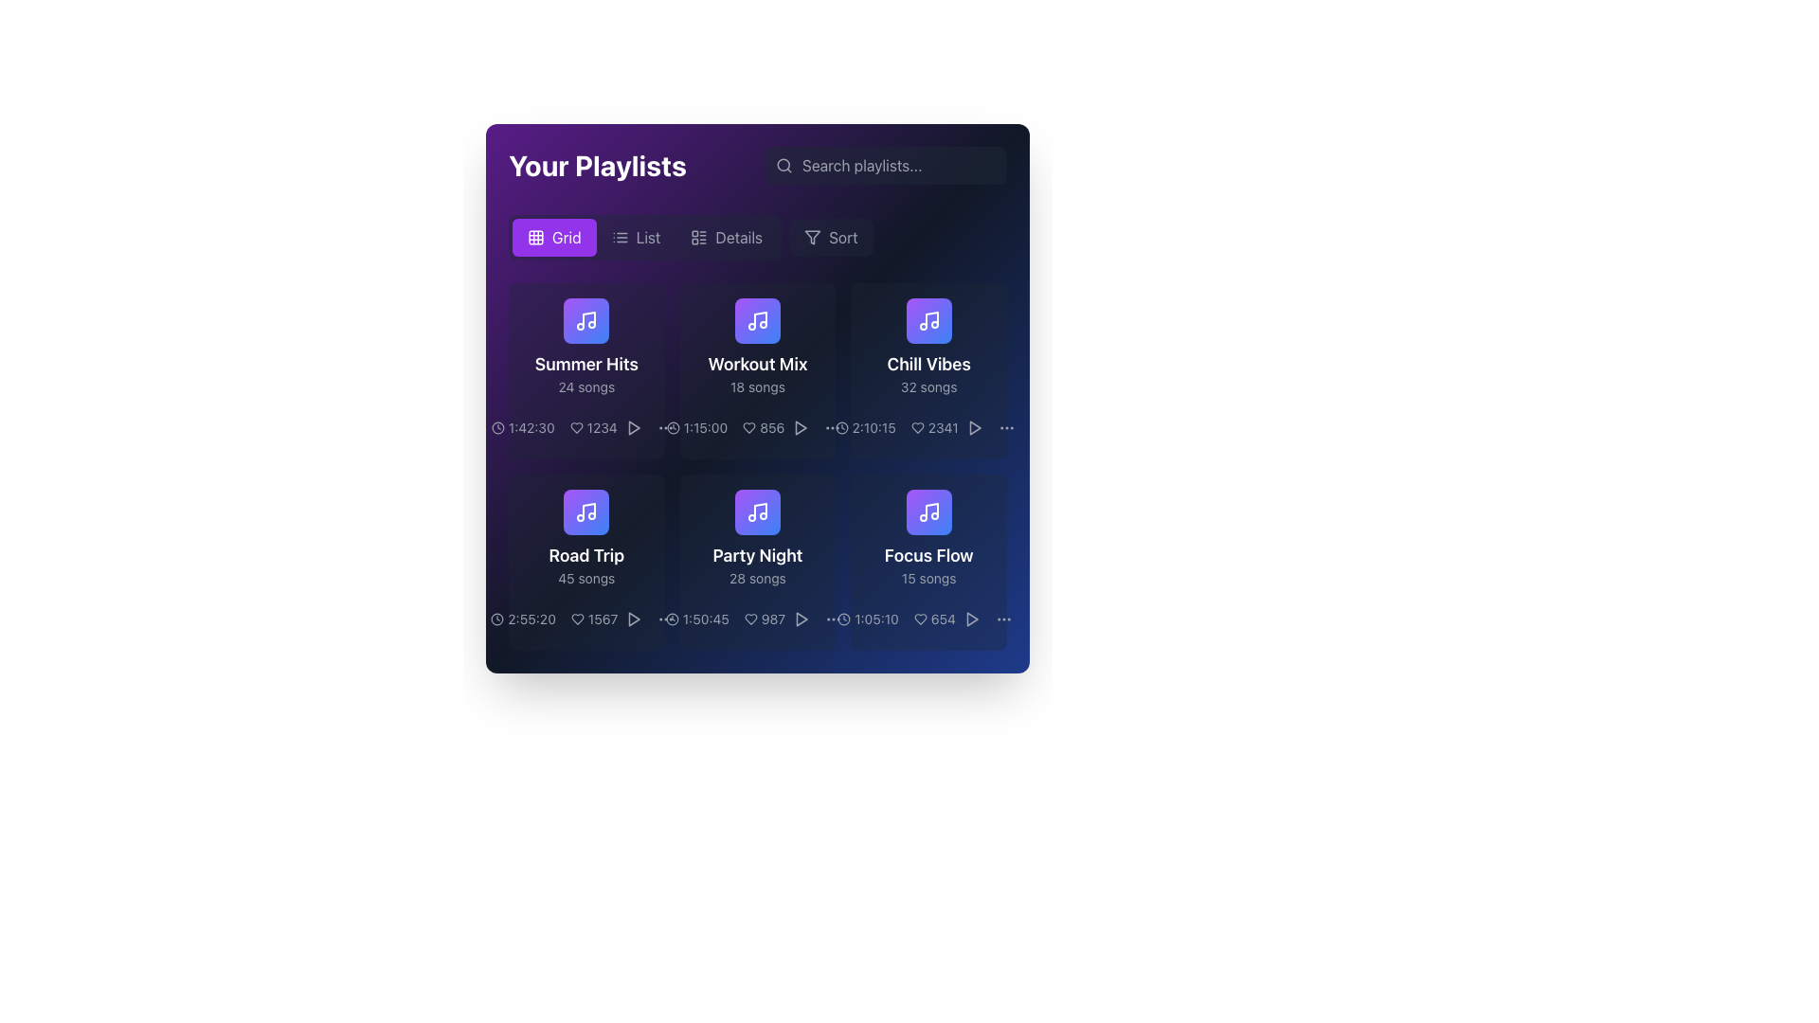 Image resolution: width=1819 pixels, height=1023 pixels. What do you see at coordinates (801, 427) in the screenshot?
I see `the triangular play icon representing the 'Workout Mix' playlist located below the 'Workout Mix' card in the playlist grid to play the playlist` at bounding box center [801, 427].